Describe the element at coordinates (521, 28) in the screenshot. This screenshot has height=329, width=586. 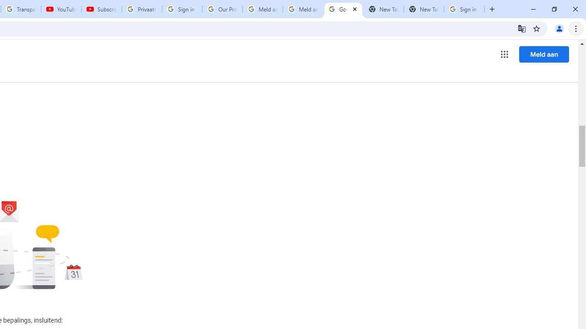
I see `'Translate this page'` at that location.